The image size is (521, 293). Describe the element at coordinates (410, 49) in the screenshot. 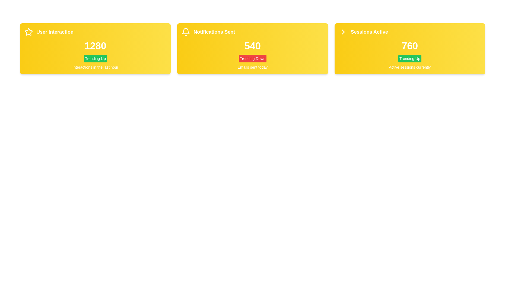

I see `the 'Sessions Active' Statistical summary card, which is the third card in a horizontally aligned triplet layout, featuring a gradient background, rounded corners, and displaying the title, 'Sessions Active', along with the number '760' and a green badge labeled 'Trending Up'` at that location.